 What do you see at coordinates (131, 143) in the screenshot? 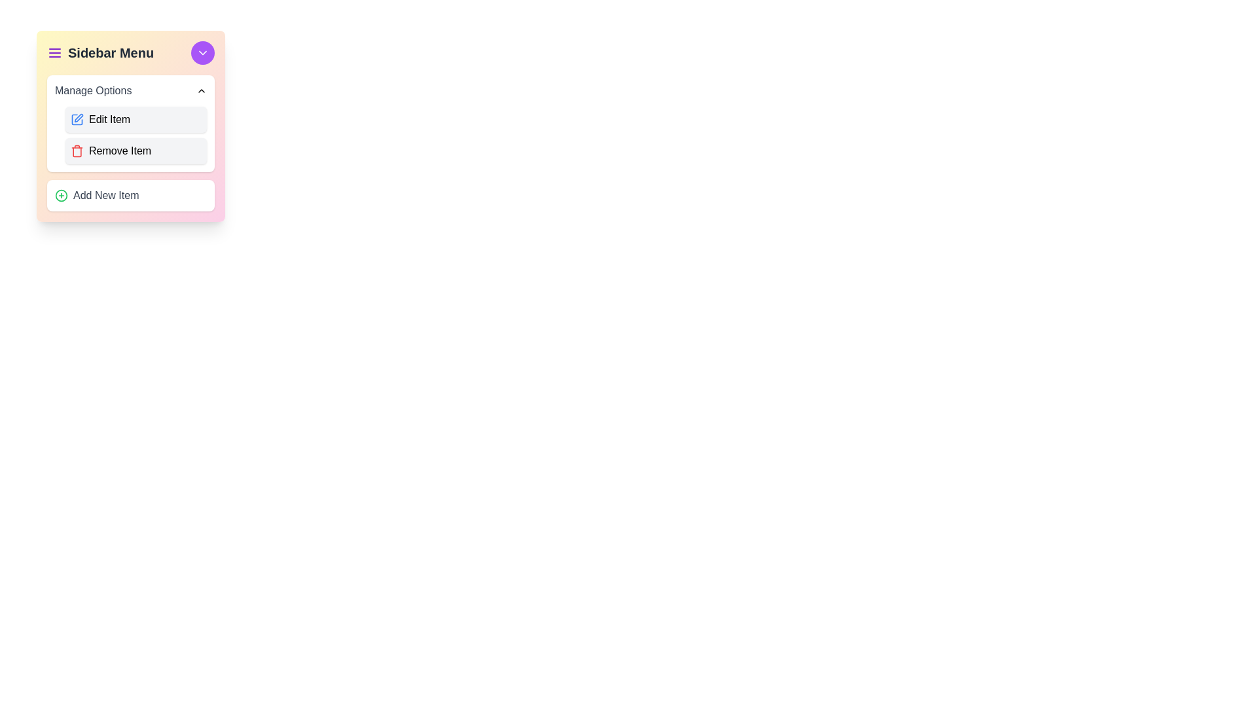
I see `the 'Remove Item' button in the 'Manage Options' section of the sidebar menu` at bounding box center [131, 143].